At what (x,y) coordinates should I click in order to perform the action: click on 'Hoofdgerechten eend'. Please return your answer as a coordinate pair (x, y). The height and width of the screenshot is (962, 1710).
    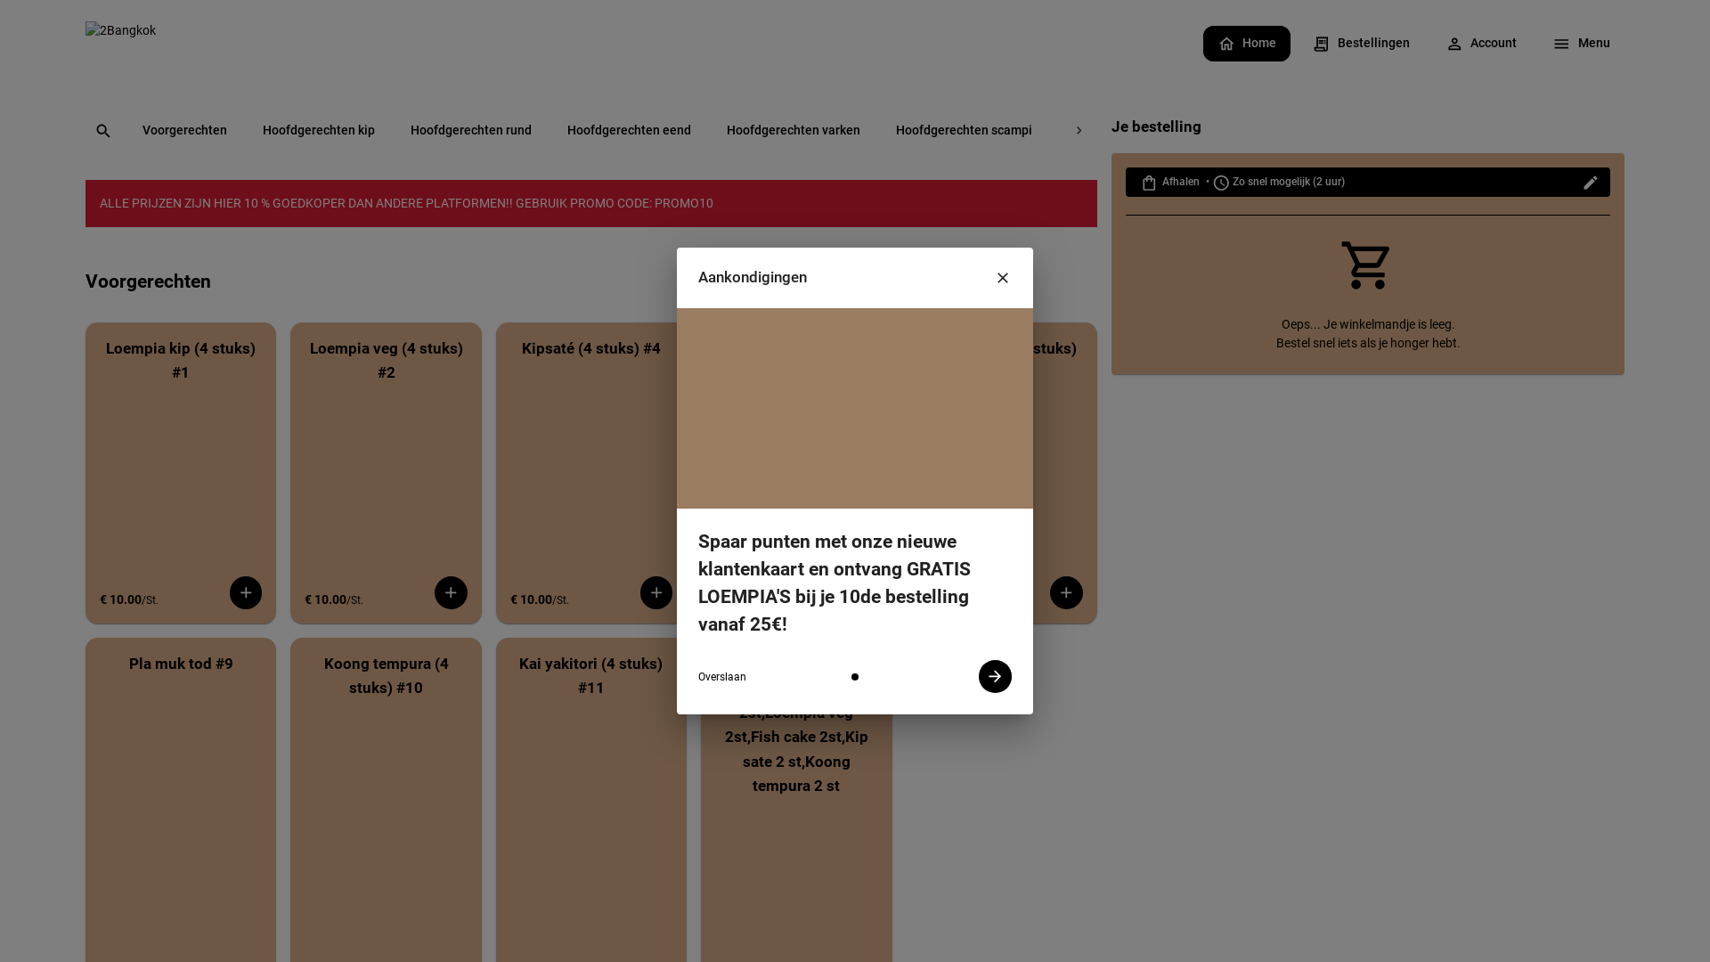
    Looking at the image, I should click on (629, 130).